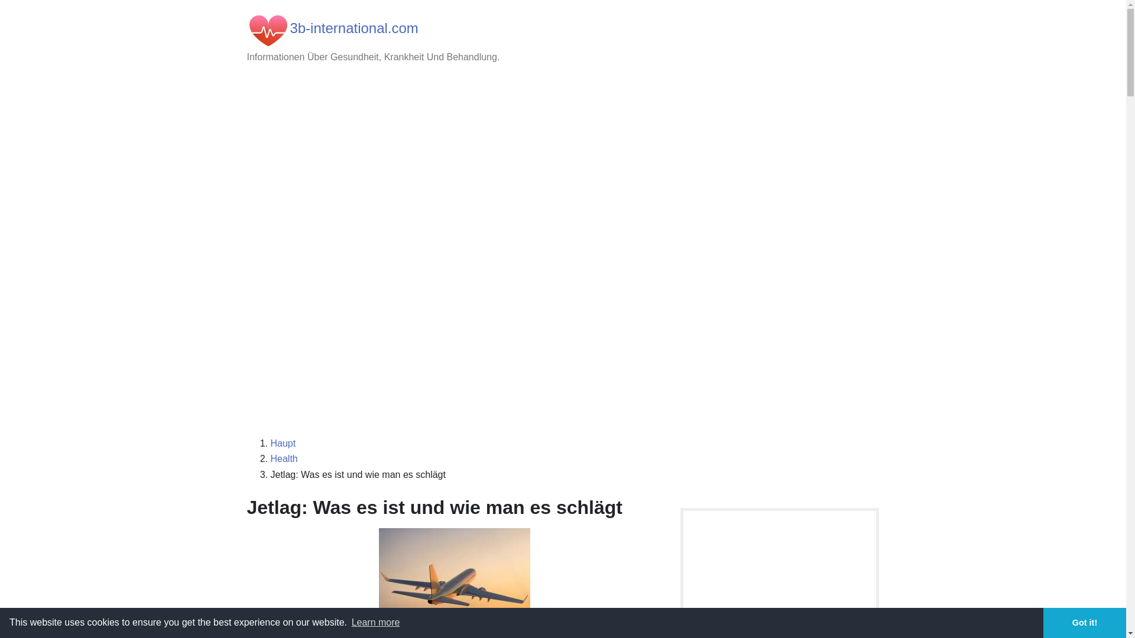 The height and width of the screenshot is (638, 1135). What do you see at coordinates (563, 169) in the screenshot?
I see `'Advertisement'` at bounding box center [563, 169].